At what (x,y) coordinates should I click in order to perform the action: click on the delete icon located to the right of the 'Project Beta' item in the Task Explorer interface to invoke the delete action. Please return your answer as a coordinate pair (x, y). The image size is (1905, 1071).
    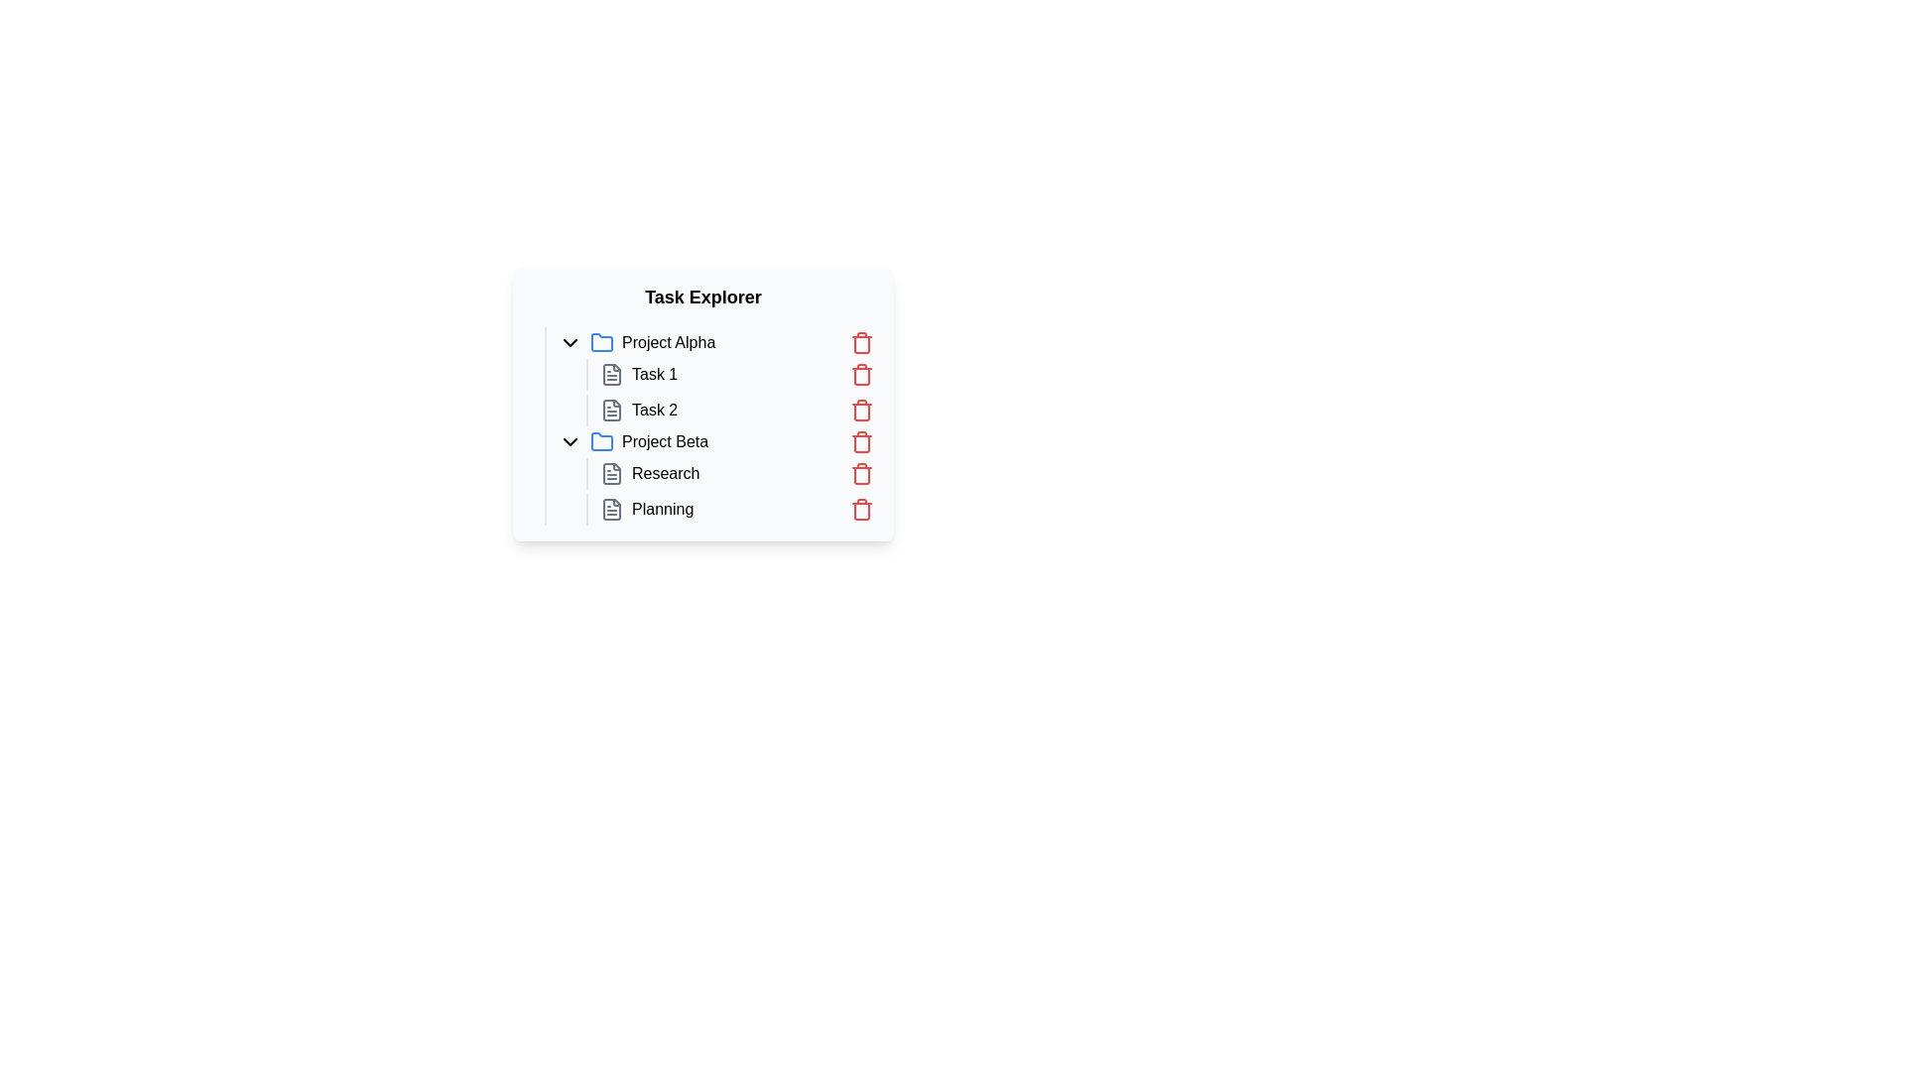
    Looking at the image, I should click on (861, 442).